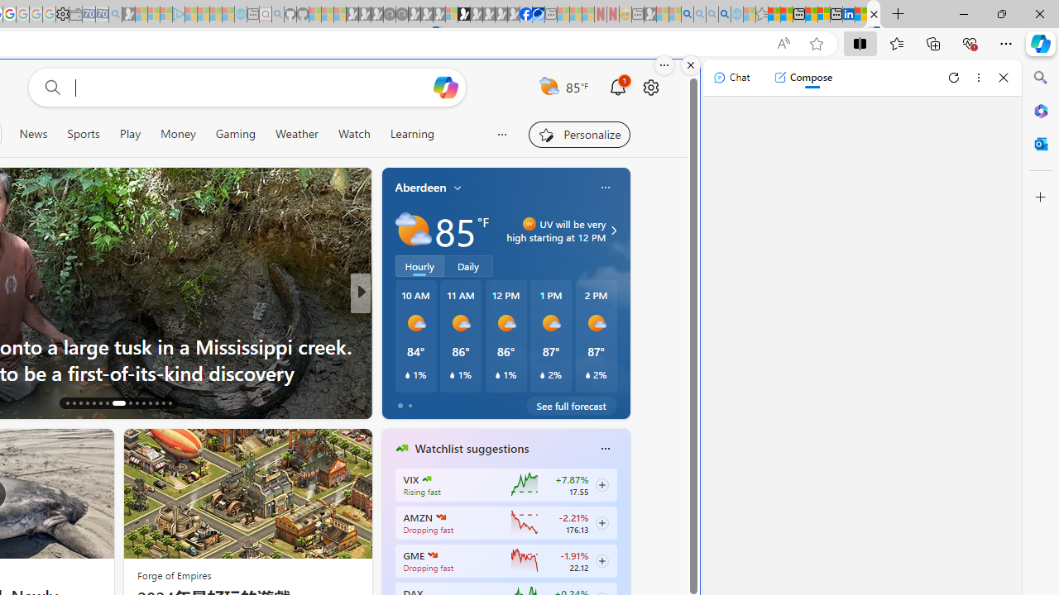  I want to click on 'AutomationID: tab-23', so click(115, 403).